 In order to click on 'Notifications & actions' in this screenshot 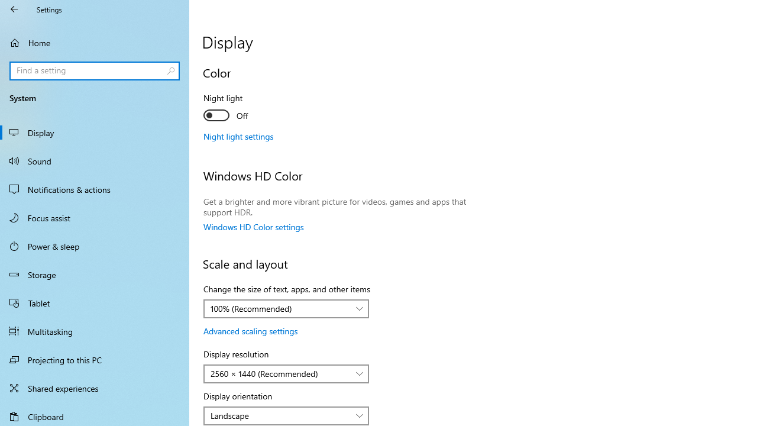, I will do `click(95, 189)`.